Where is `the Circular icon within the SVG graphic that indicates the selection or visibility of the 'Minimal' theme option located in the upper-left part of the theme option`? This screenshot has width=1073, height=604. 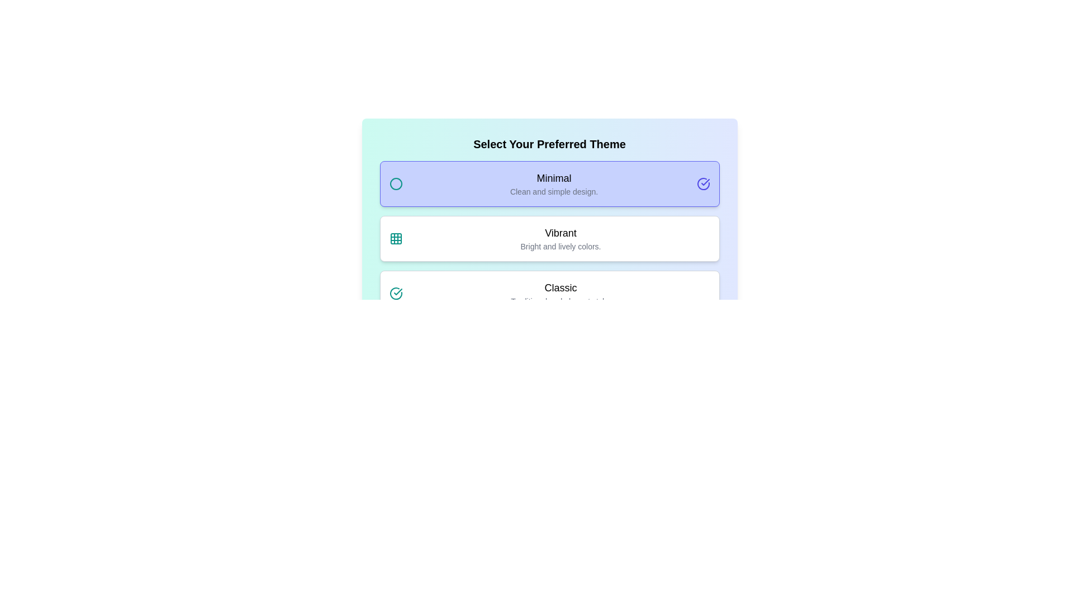
the Circular icon within the SVG graphic that indicates the selection or visibility of the 'Minimal' theme option located in the upper-left part of the theme option is located at coordinates (396, 183).